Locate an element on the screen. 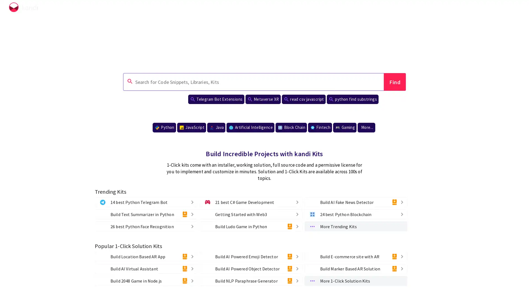 The height and width of the screenshot is (298, 529). delete is located at coordinates (192, 214).